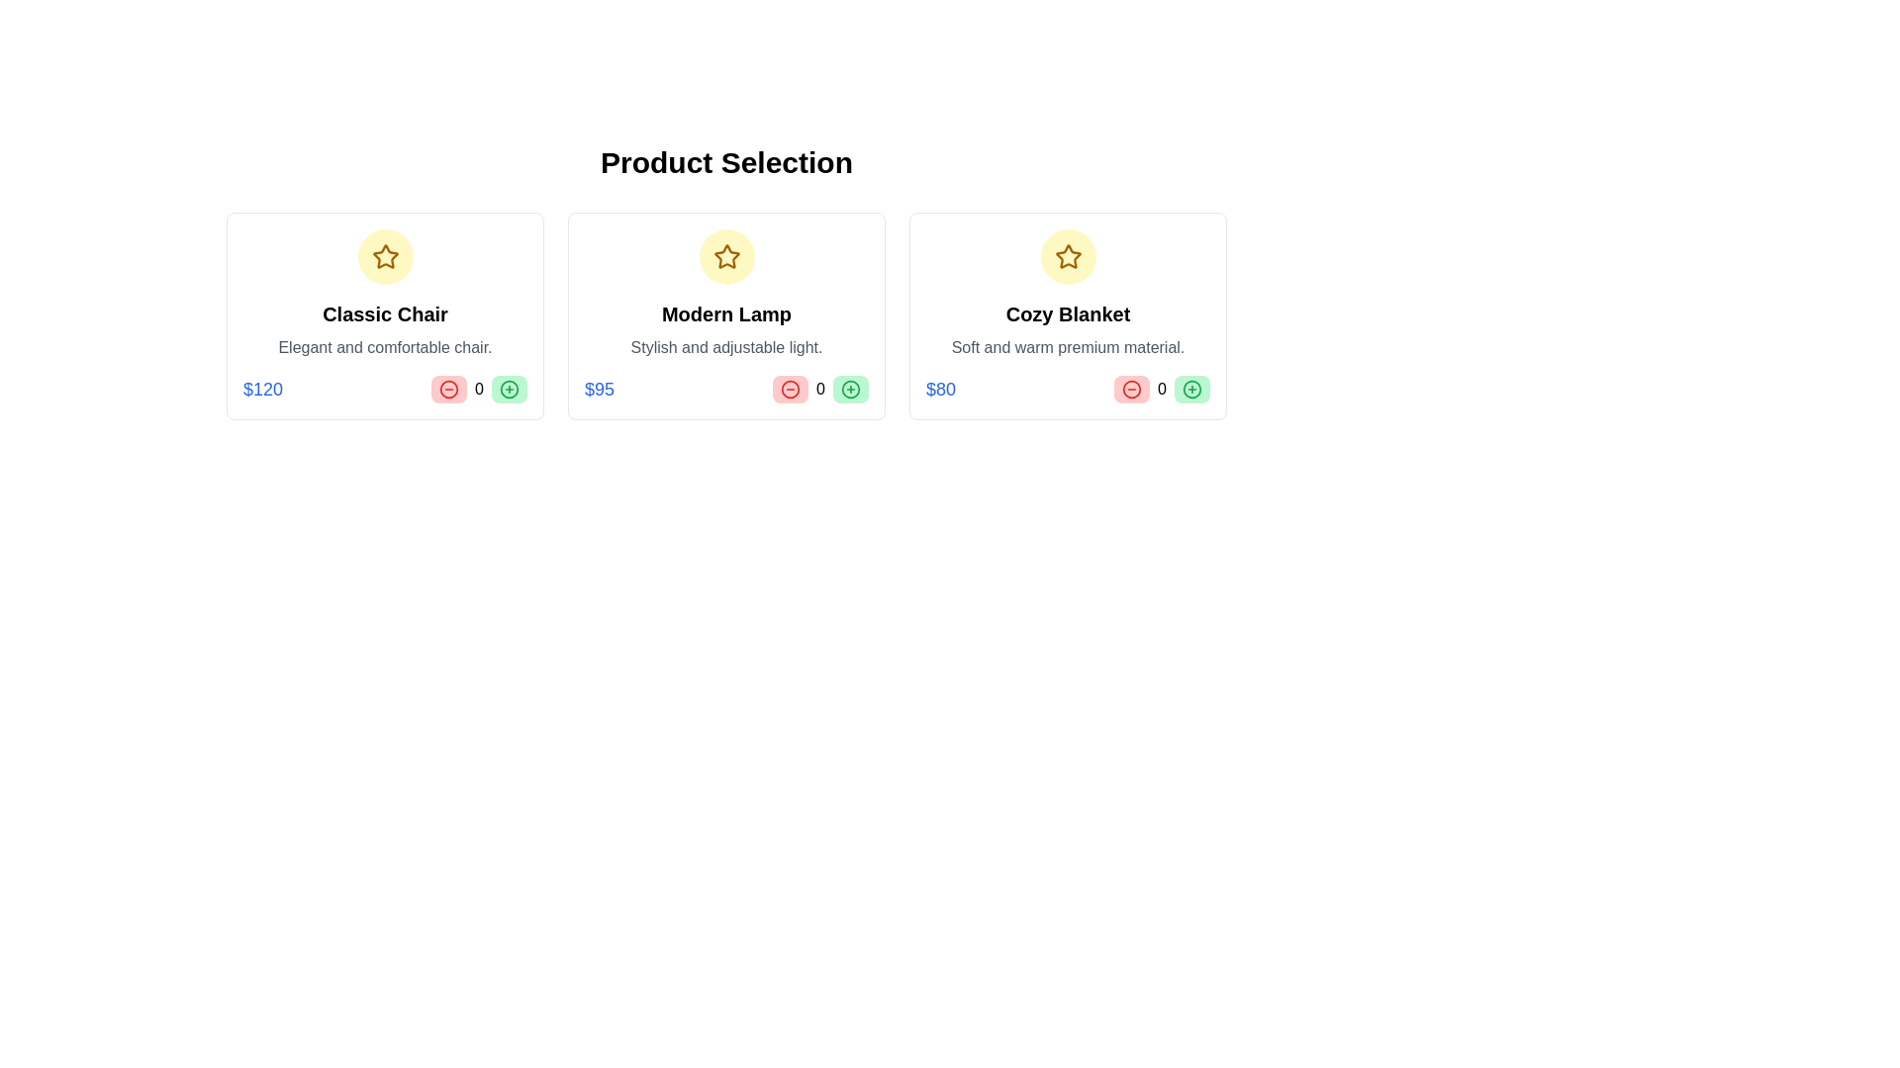  I want to click on the decrement button for the 'Cozy Blanket' product, so click(1132, 389).